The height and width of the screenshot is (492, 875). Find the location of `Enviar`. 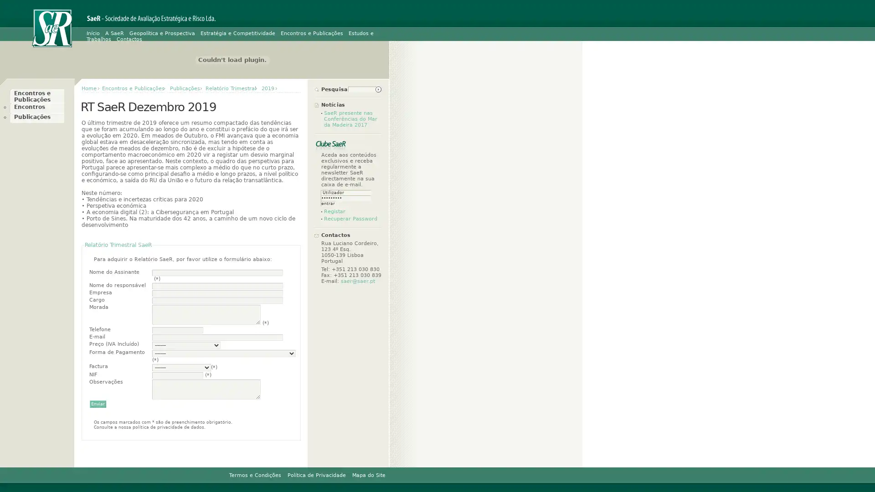

Enviar is located at coordinates (98, 404).